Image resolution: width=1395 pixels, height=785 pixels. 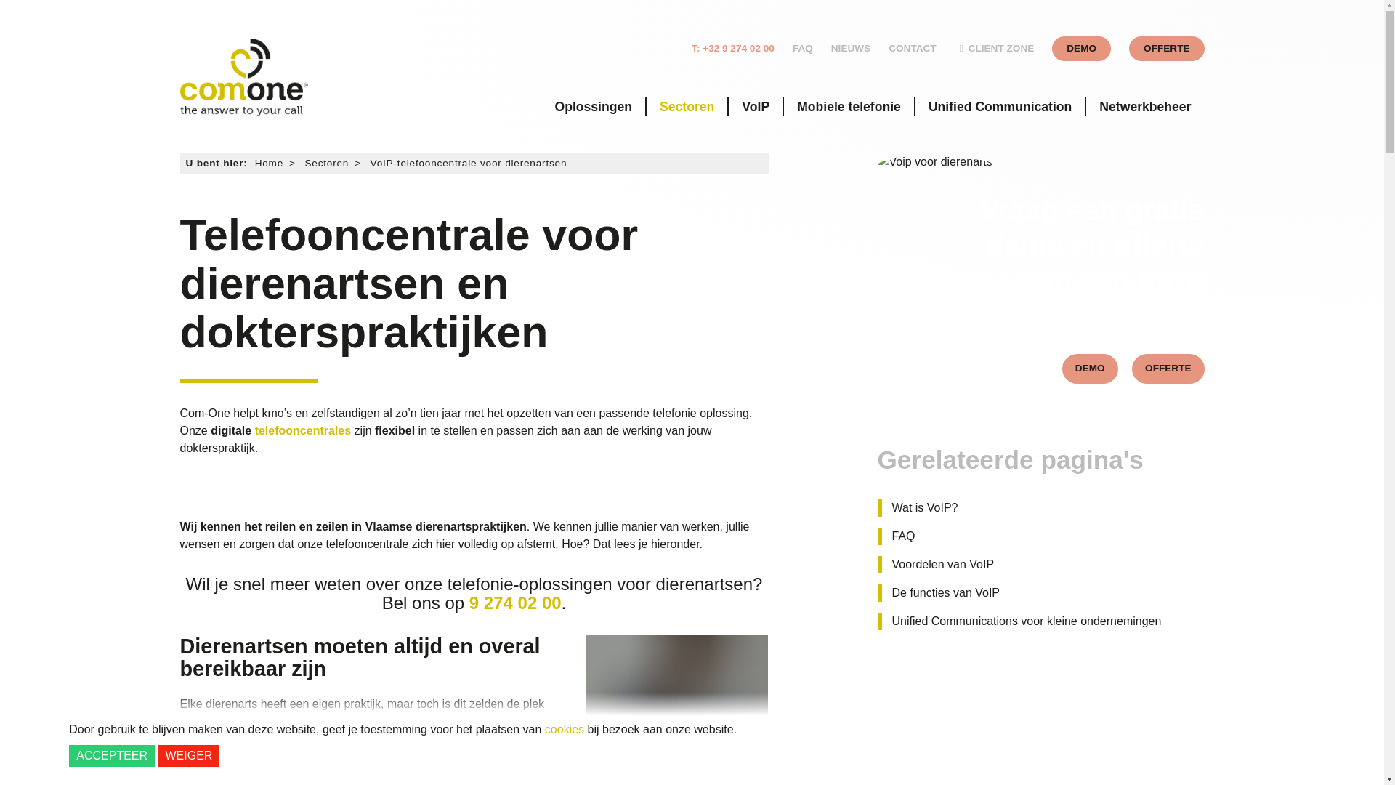 I want to click on 'CONTACT', so click(x=911, y=47).